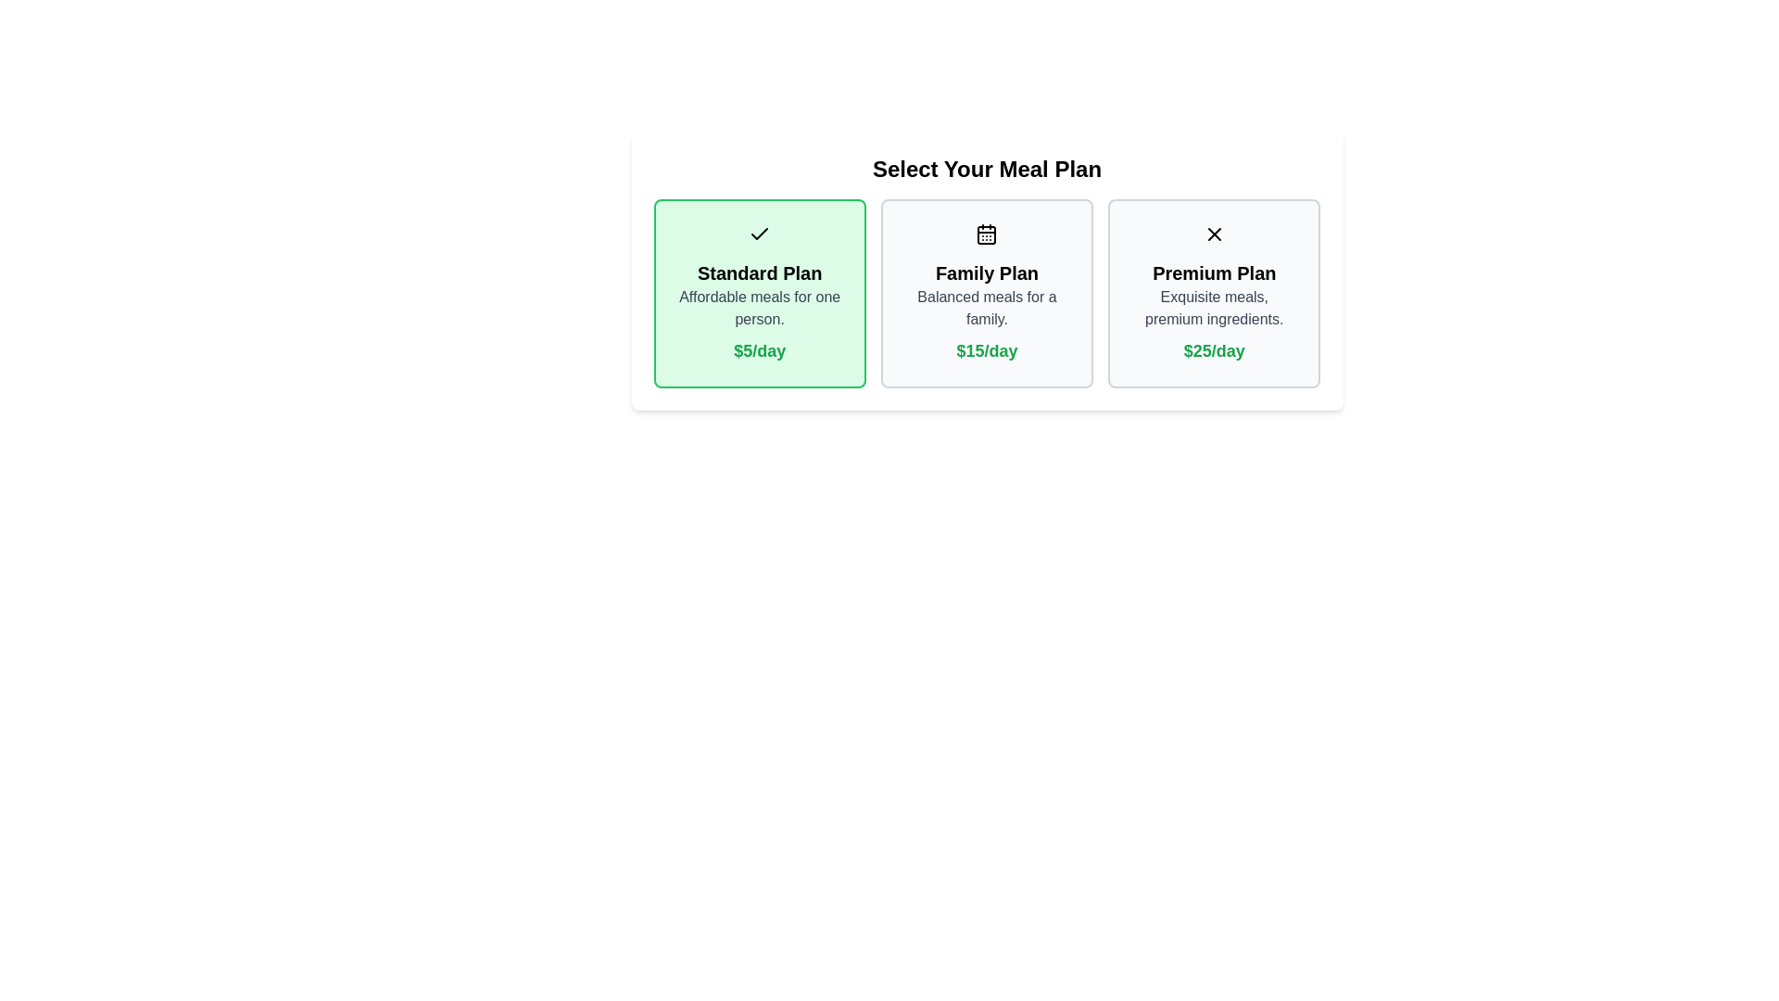  I want to click on the calendar icon located at the top center of the 'Family Plan' card, which is a black and white square outline with a grid pattern and two tabs on top, so click(986, 234).